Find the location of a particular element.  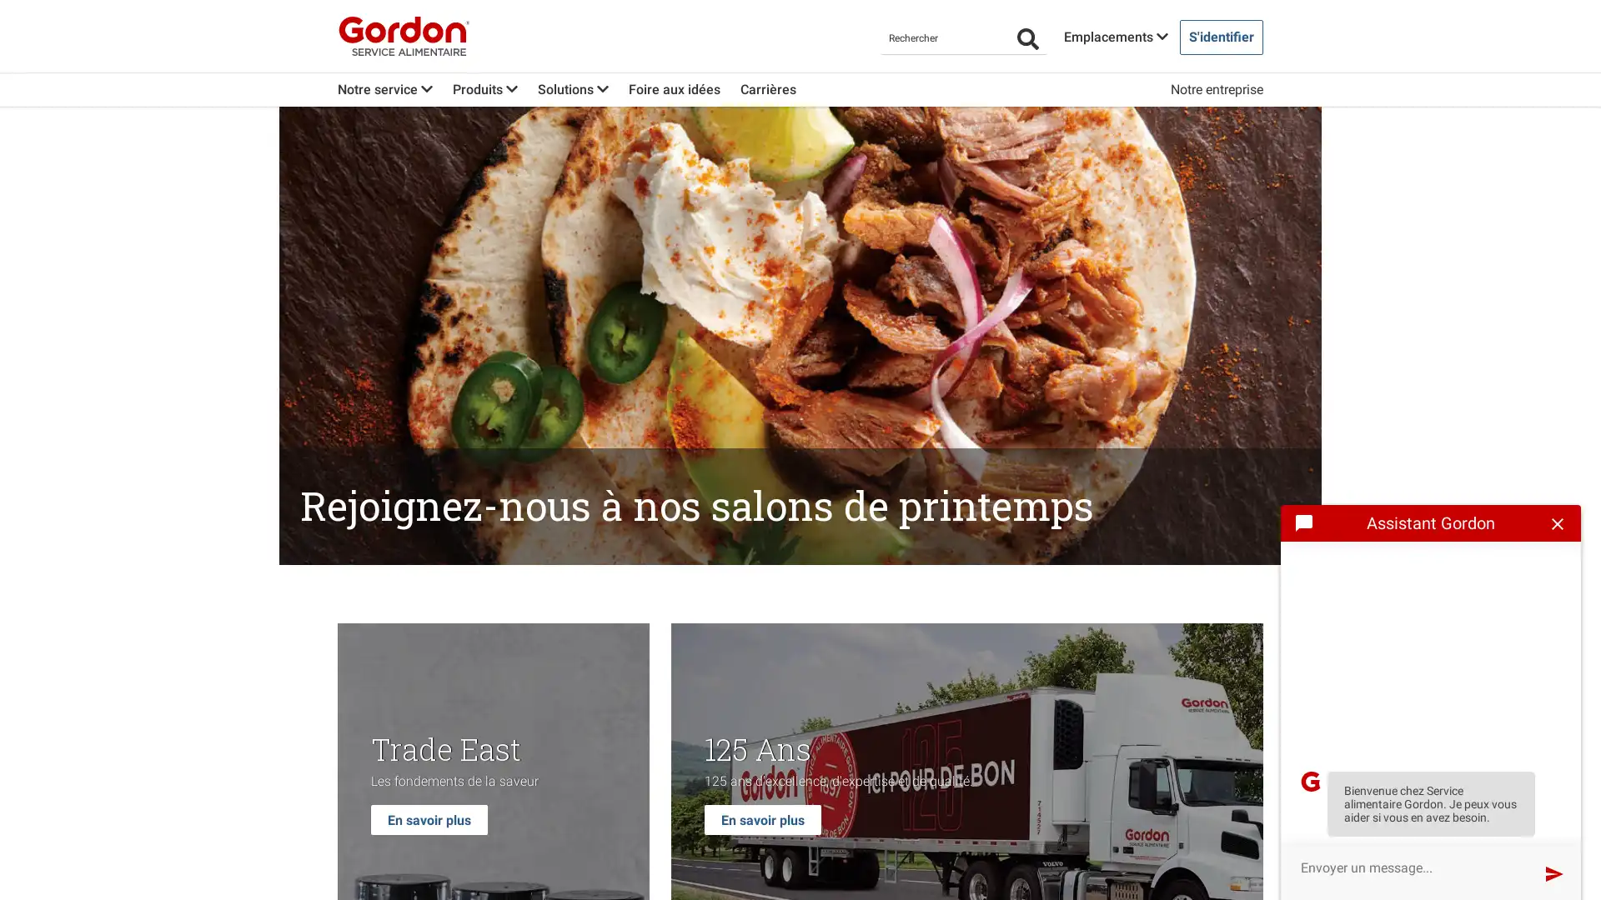

Rechercher is located at coordinates (1027, 37).